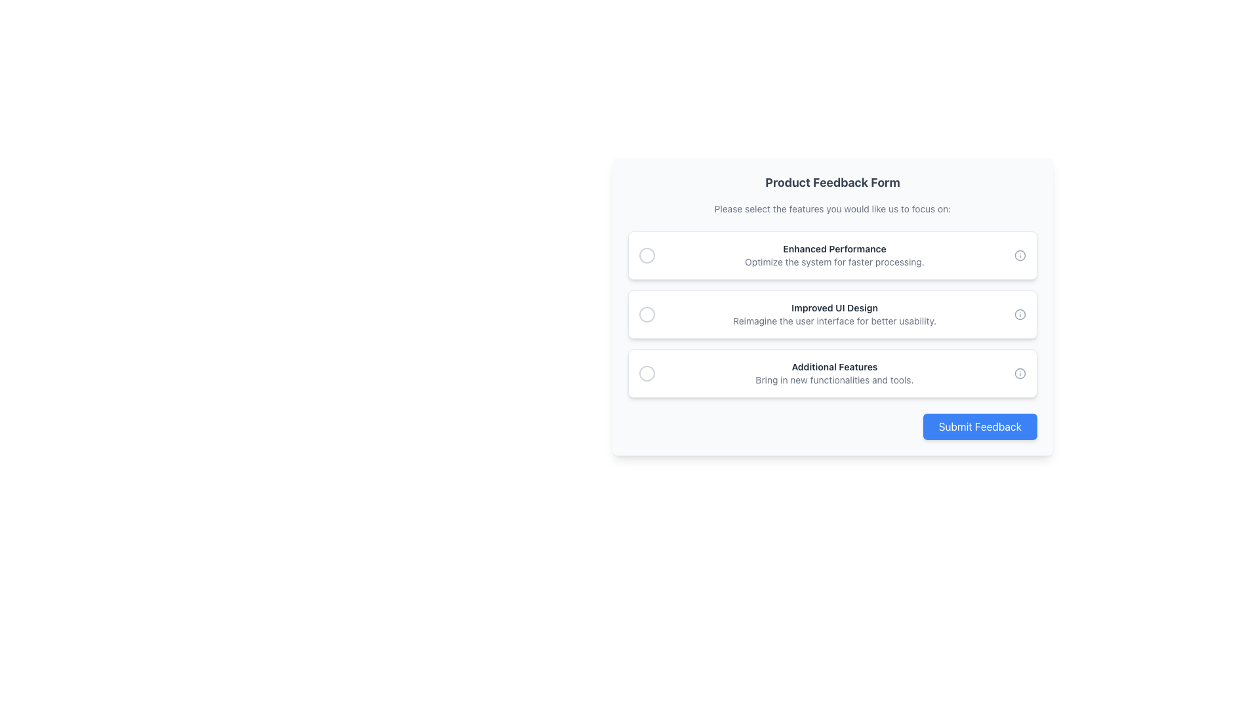  I want to click on the circular icon with a light gray outline and transparent fill, resembling an information symbol, located next to the 'Improved UI Design' text, so click(1019, 314).